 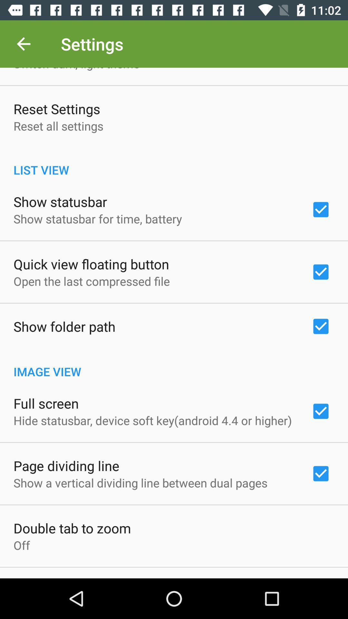 What do you see at coordinates (91, 264) in the screenshot?
I see `item below show statusbar for` at bounding box center [91, 264].